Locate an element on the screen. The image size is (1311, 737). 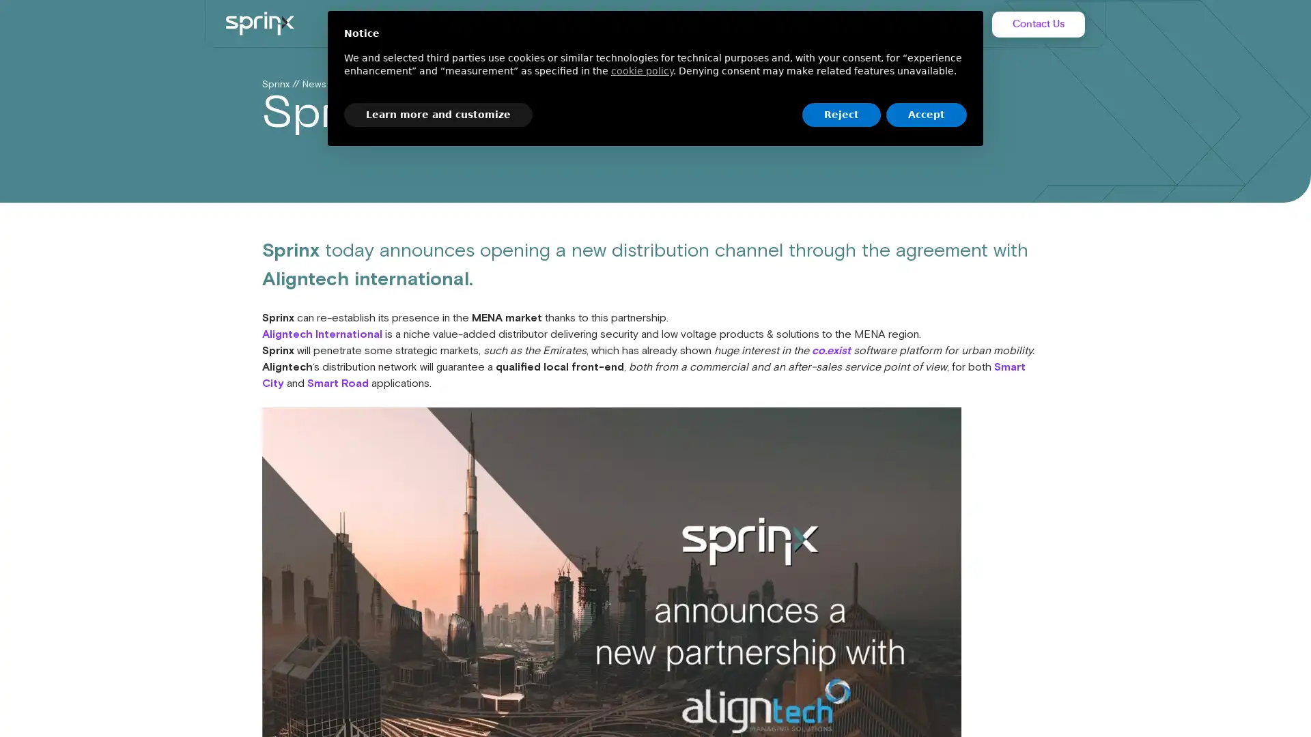
Learn more and customize is located at coordinates (438, 114).